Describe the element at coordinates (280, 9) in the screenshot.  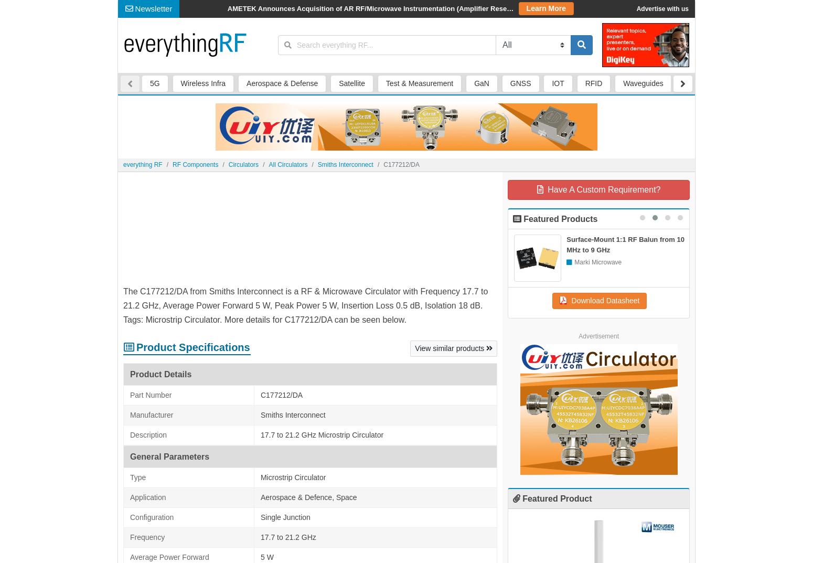
I see `'Custom Products'` at that location.